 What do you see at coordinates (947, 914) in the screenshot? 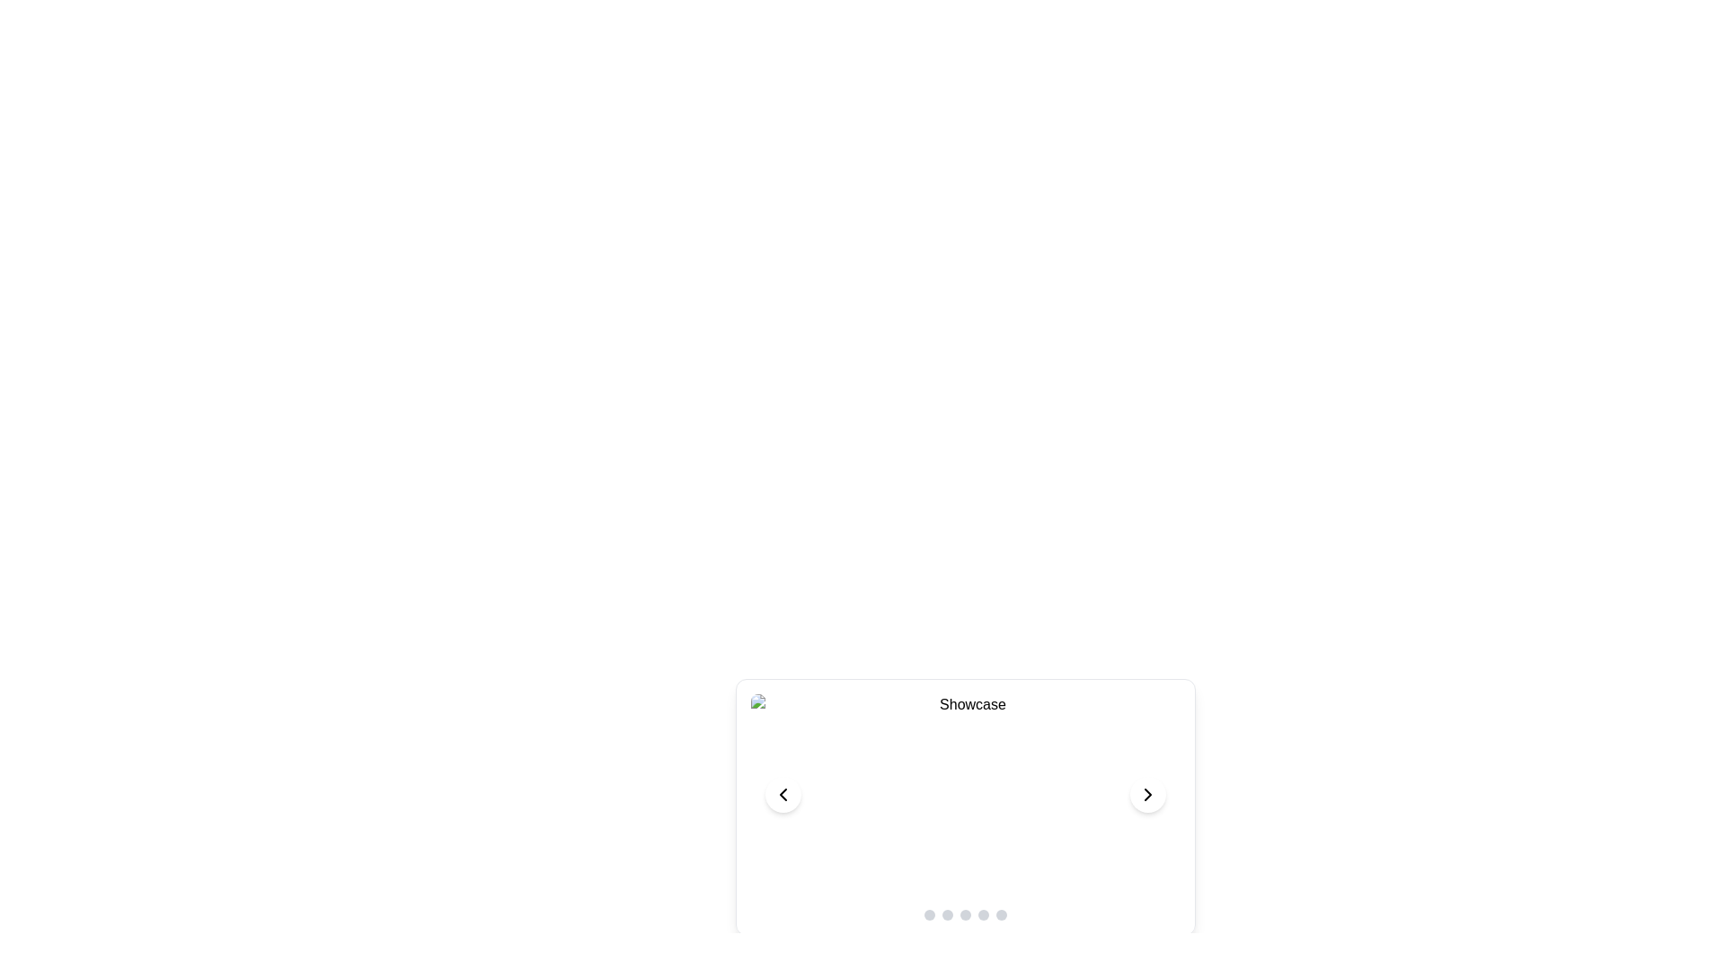
I see `the second navigation indicator dot in the group of five dots` at bounding box center [947, 914].